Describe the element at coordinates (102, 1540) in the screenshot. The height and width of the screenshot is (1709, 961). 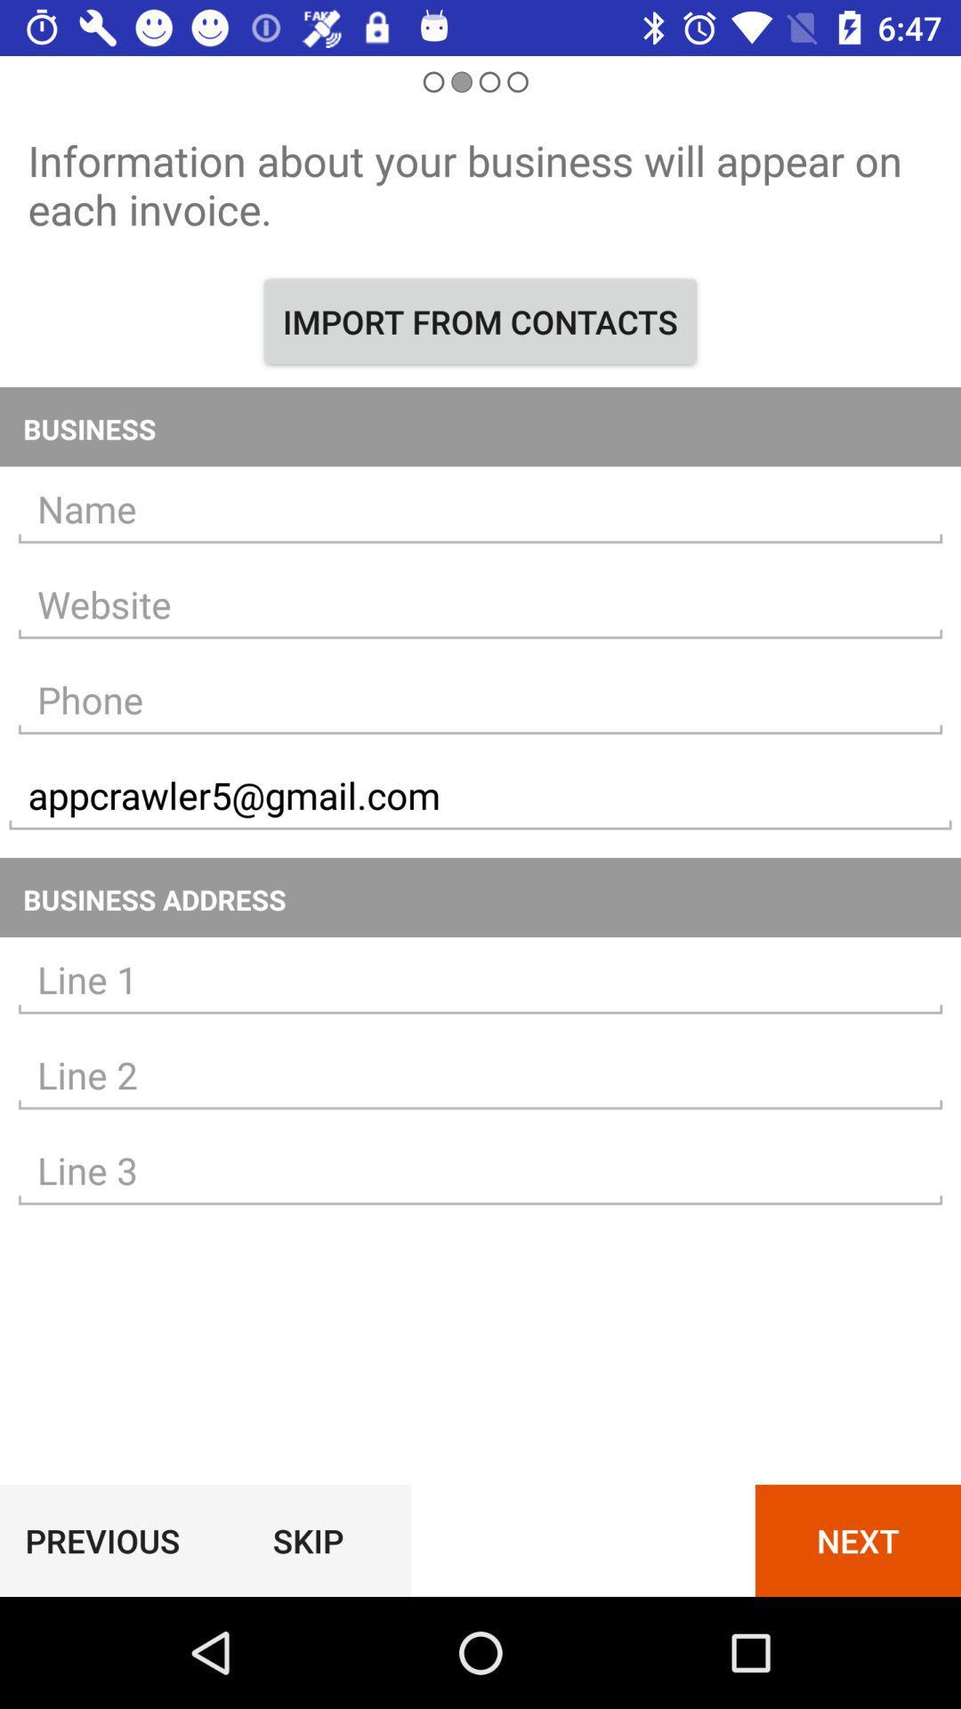
I see `icon next to skip` at that location.